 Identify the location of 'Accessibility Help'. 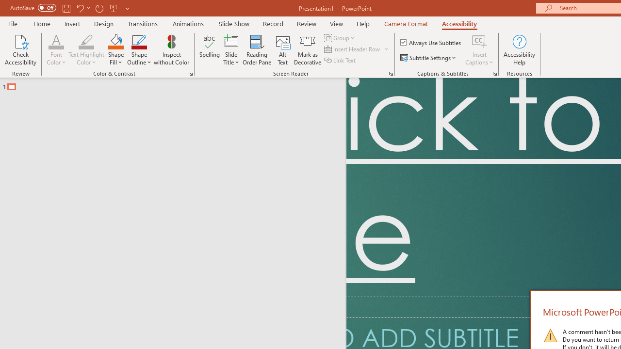
(519, 50).